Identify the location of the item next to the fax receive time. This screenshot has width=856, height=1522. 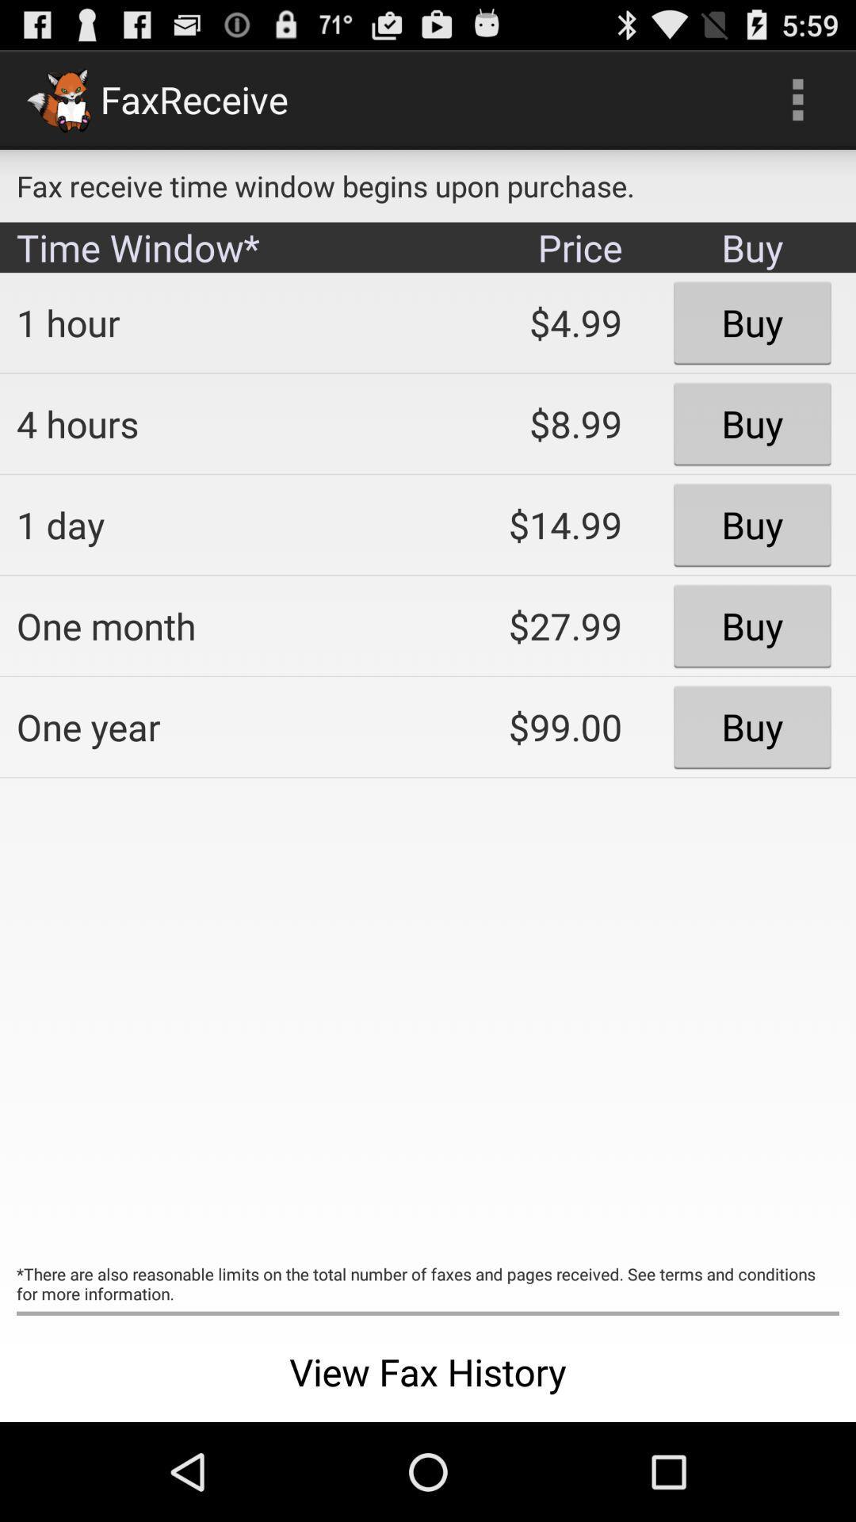
(797, 98).